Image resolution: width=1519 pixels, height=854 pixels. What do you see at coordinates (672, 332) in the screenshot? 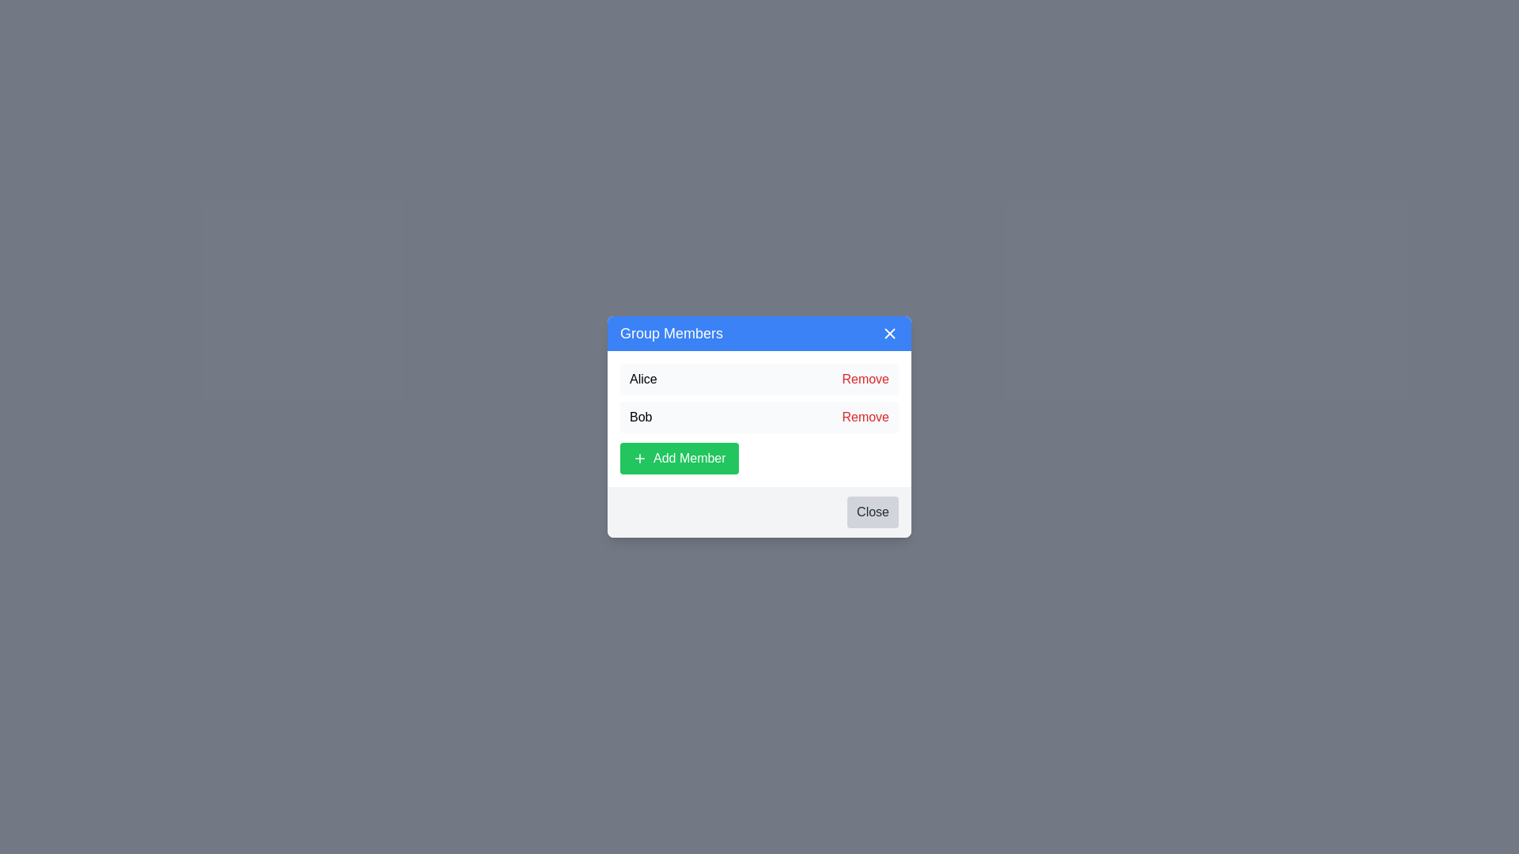
I see `text label displaying 'Group Members', which is styled in bold white font within a blue header section of a dialog box` at bounding box center [672, 332].